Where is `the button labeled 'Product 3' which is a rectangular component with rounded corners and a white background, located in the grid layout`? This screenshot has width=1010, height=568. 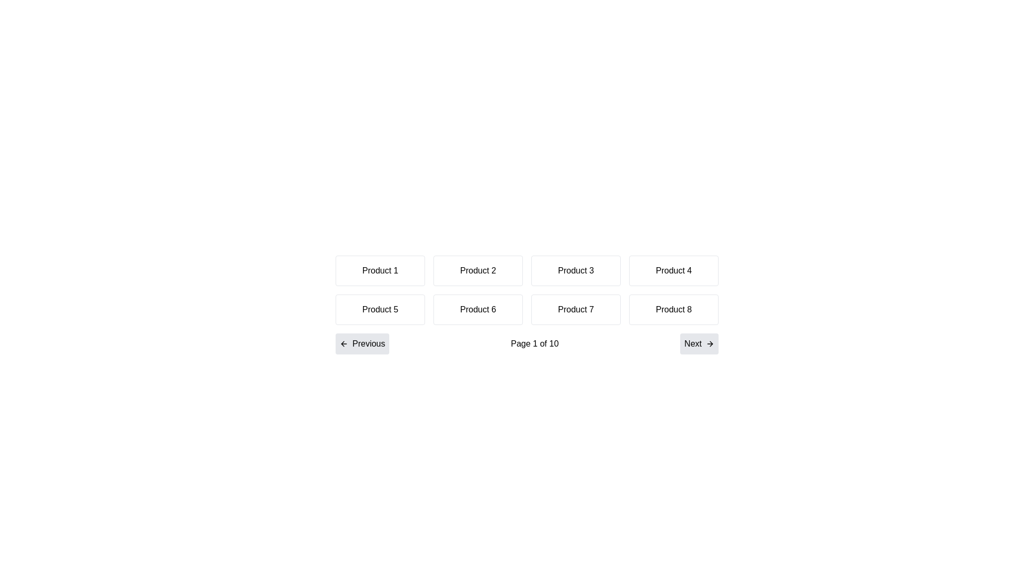 the button labeled 'Product 3' which is a rectangular component with rounded corners and a white background, located in the grid layout is located at coordinates (575, 270).